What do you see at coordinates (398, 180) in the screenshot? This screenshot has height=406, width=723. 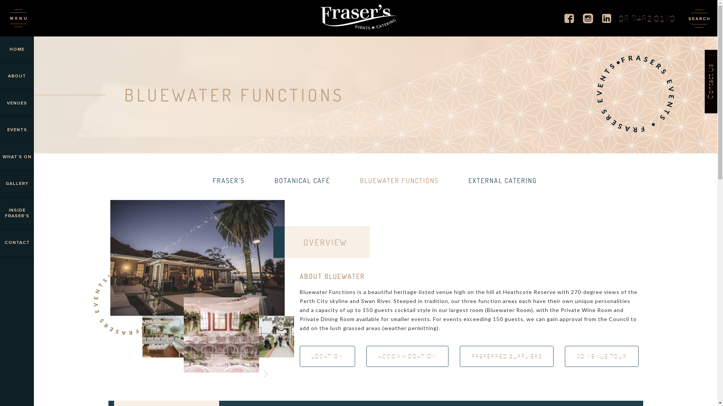 I see `'BLUEWATER FUNCTIONS'` at bounding box center [398, 180].